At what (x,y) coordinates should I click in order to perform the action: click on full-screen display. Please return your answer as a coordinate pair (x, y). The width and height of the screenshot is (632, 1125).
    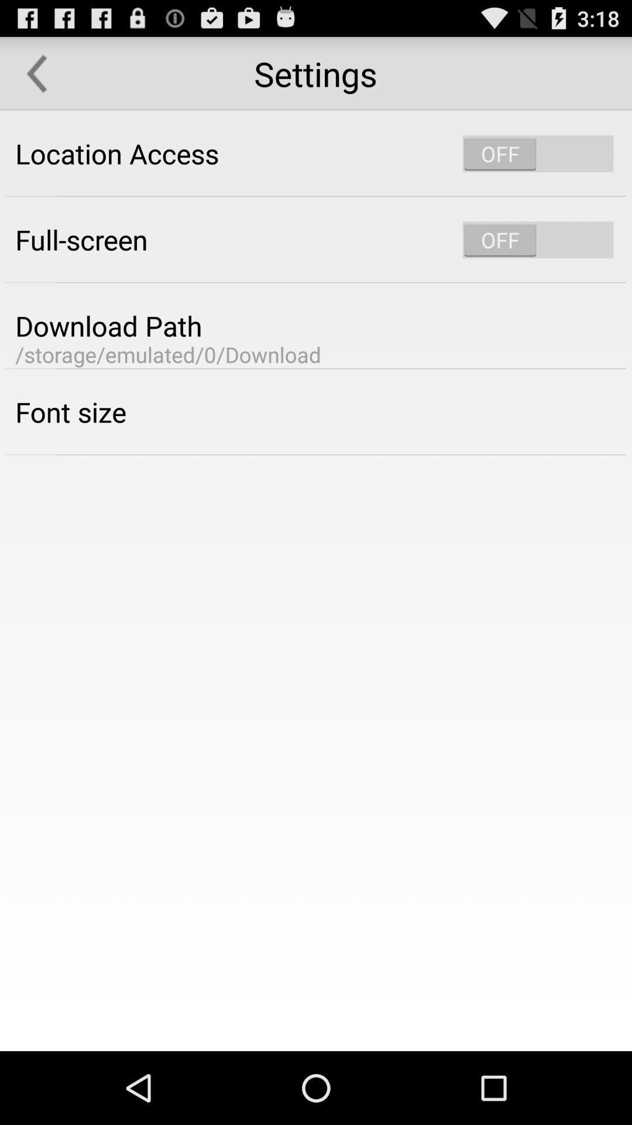
    Looking at the image, I should click on (538, 239).